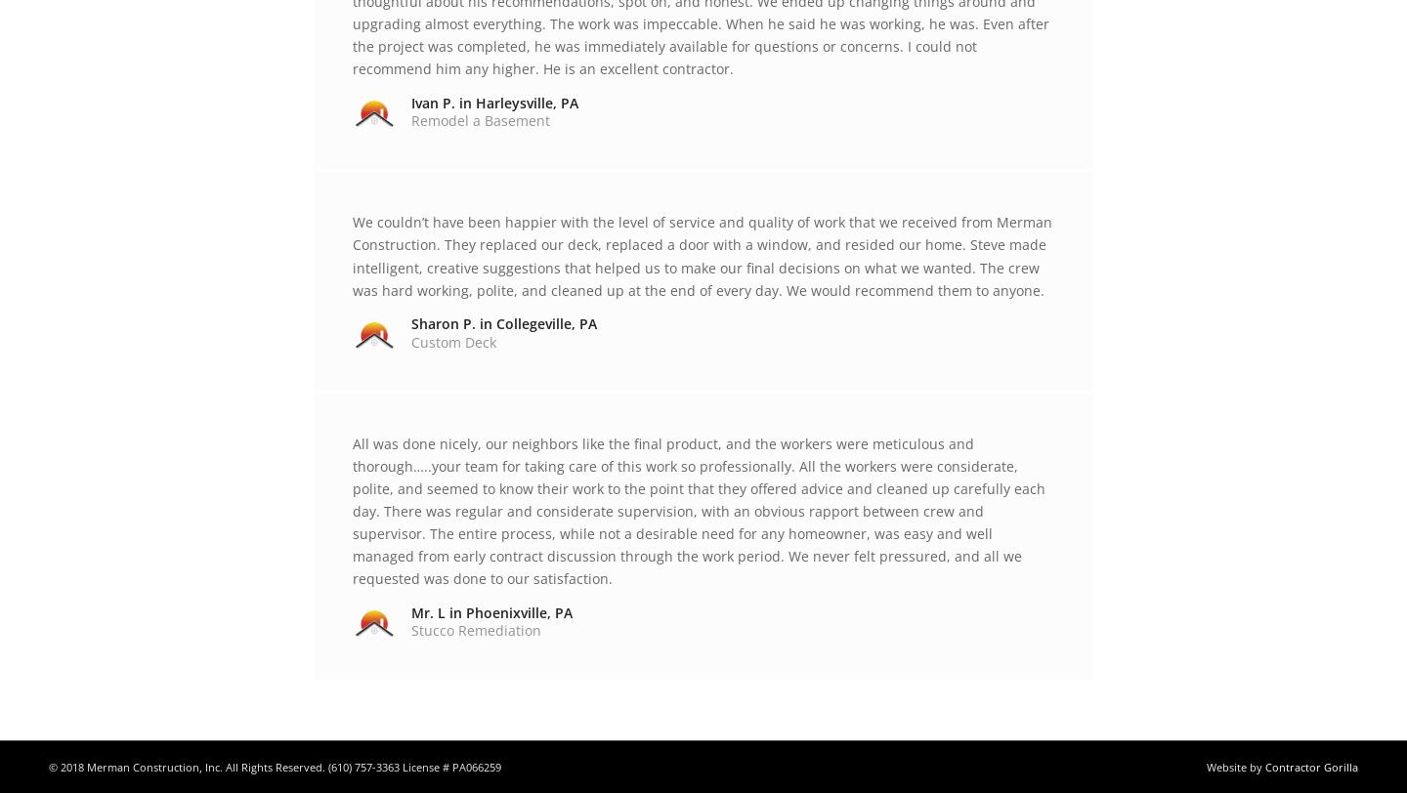 The width and height of the screenshot is (1407, 793). I want to click on 'Custom Deck', so click(453, 341).